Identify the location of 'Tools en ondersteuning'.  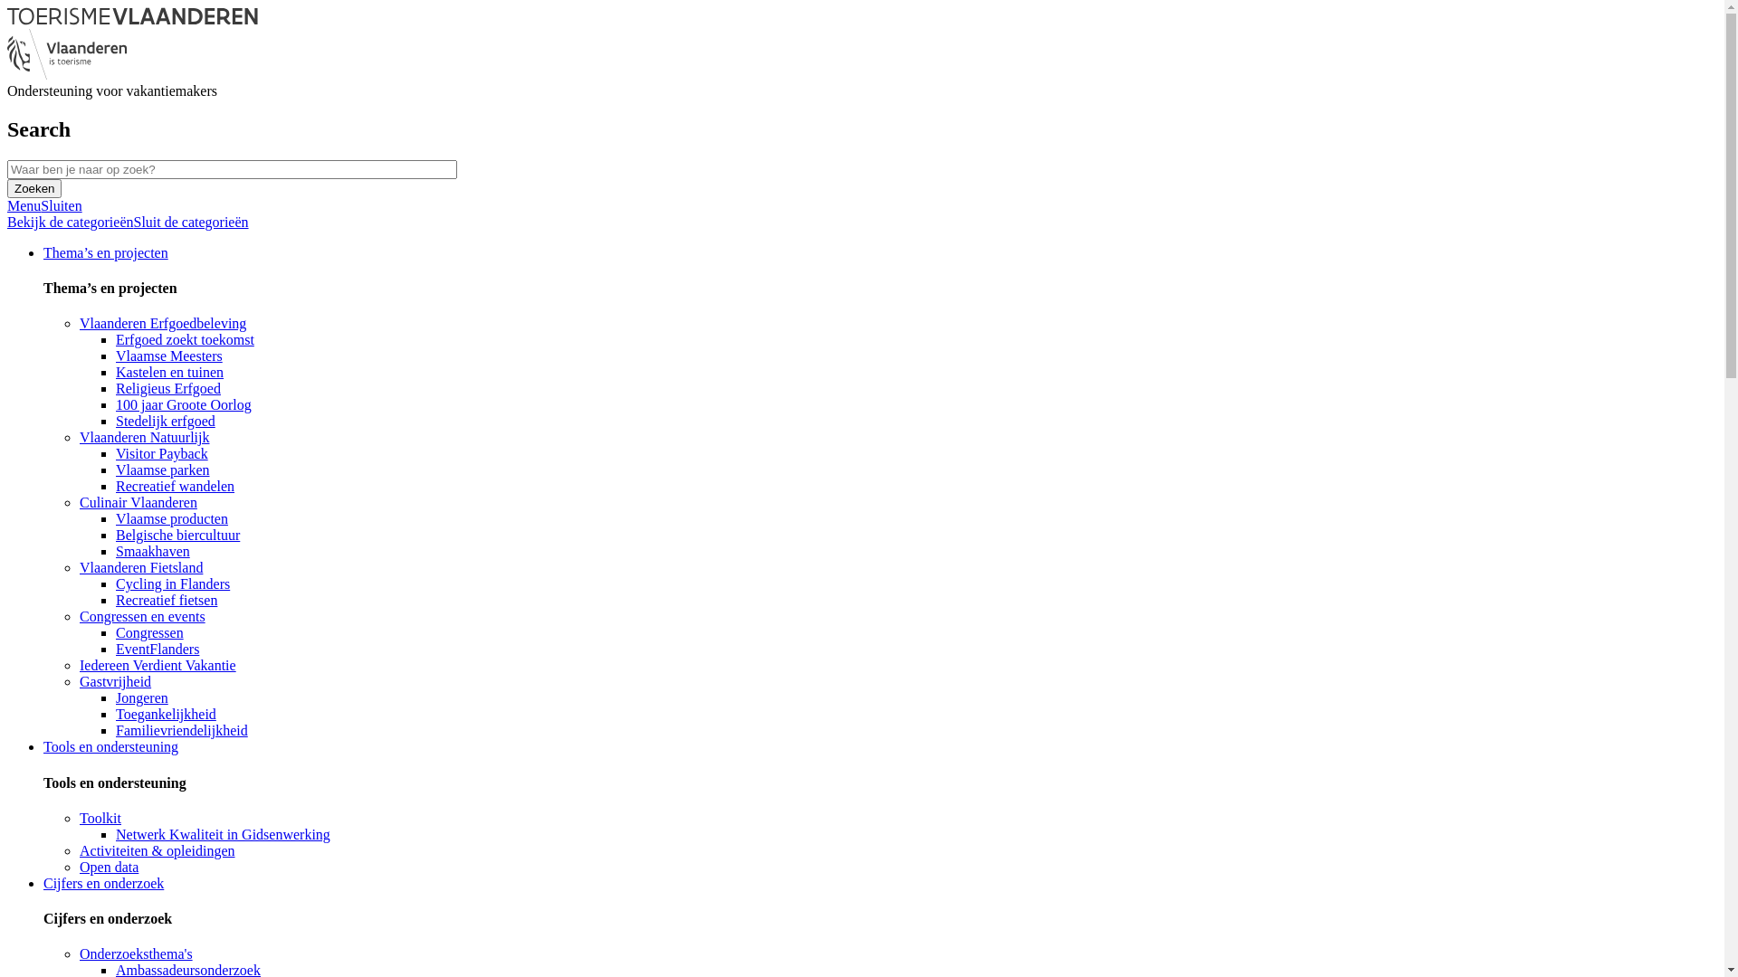
(110, 746).